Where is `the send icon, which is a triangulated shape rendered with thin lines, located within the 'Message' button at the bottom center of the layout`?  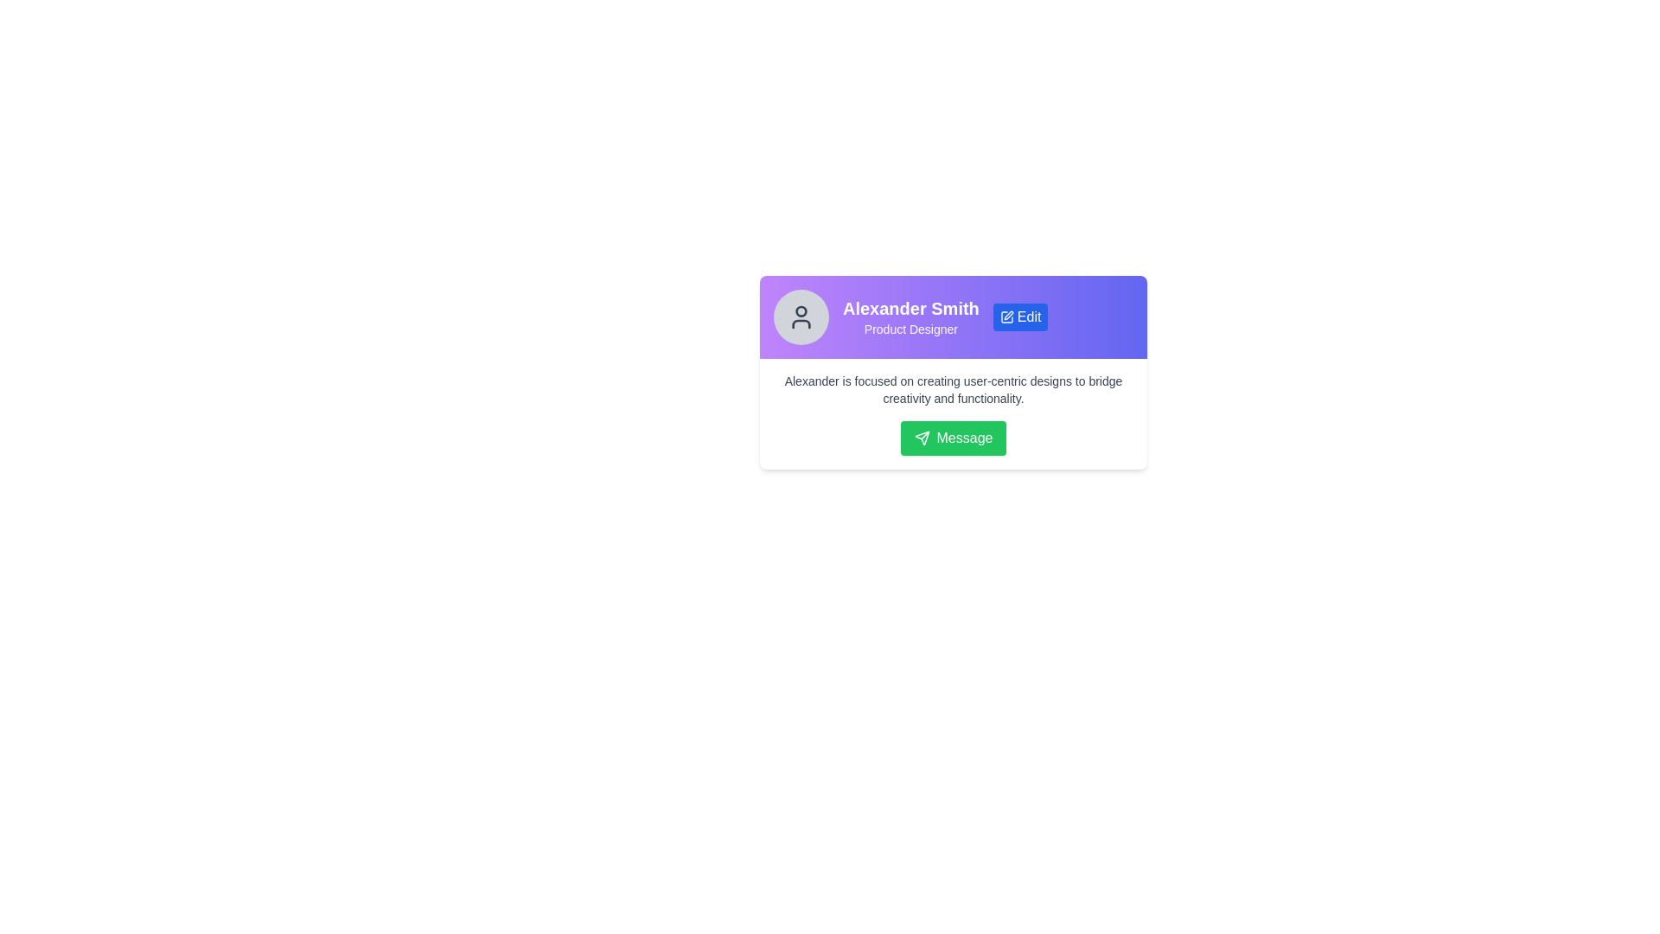
the send icon, which is a triangulated shape rendered with thin lines, located within the 'Message' button at the bottom center of the layout is located at coordinates (921, 437).